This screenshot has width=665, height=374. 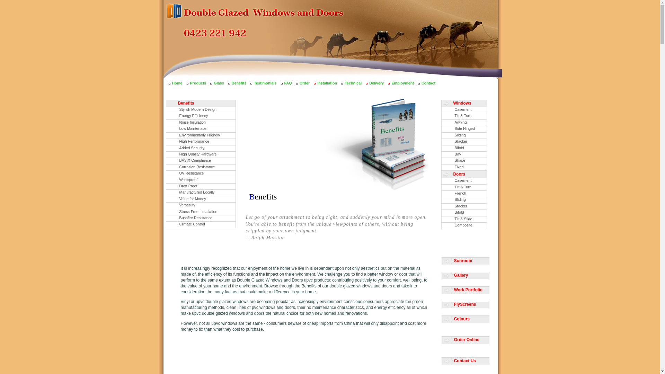 What do you see at coordinates (265, 82) in the screenshot?
I see `'Testimonials'` at bounding box center [265, 82].